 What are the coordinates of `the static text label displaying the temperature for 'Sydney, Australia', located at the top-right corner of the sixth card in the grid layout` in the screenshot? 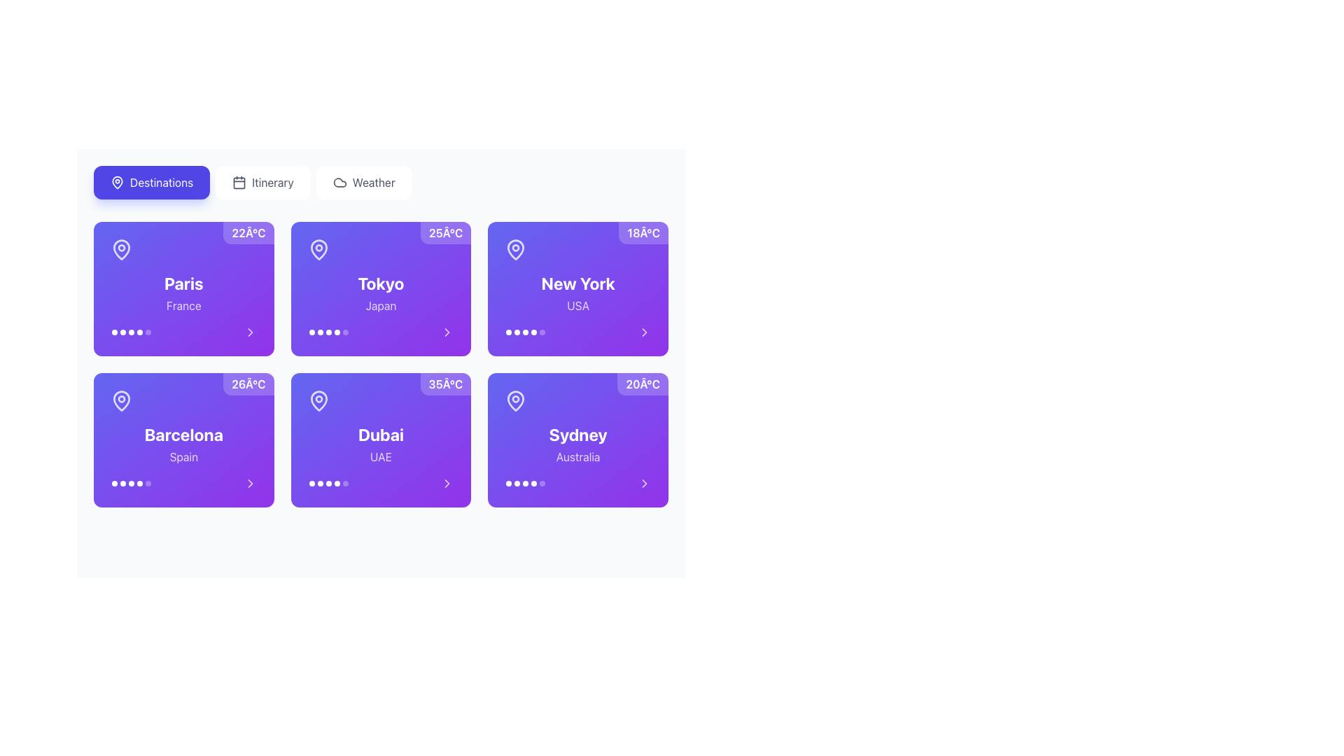 It's located at (642, 384).